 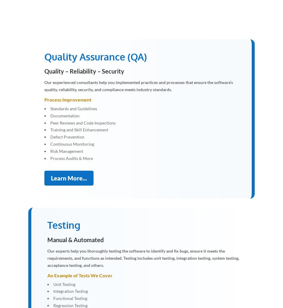 I want to click on 'Standards and Guidelines', so click(x=50, y=108).